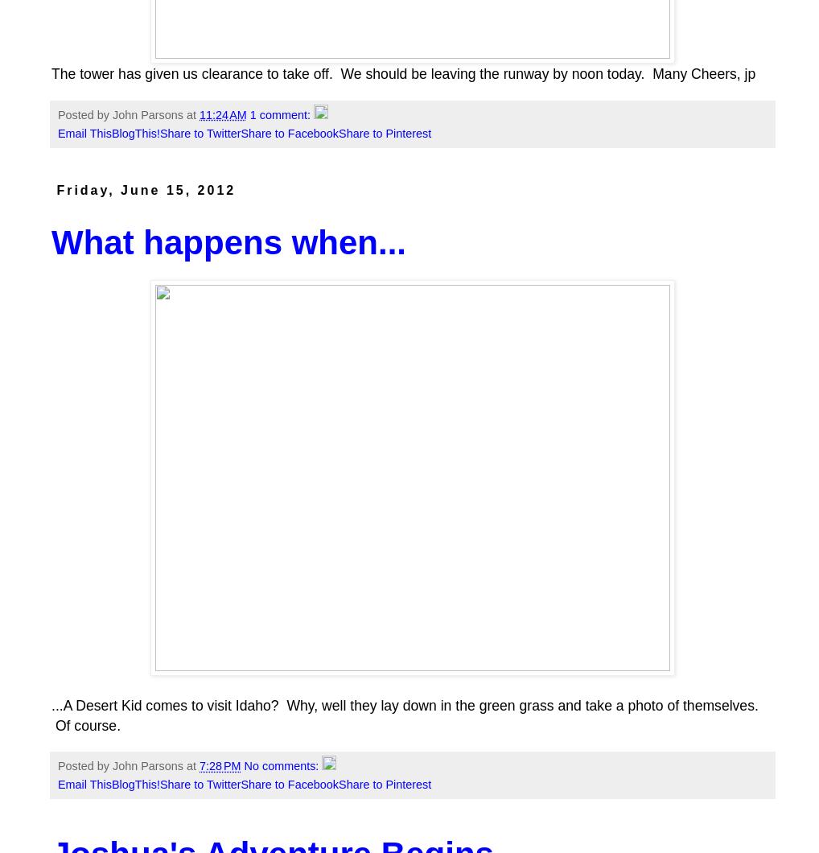 The image size is (819, 853). What do you see at coordinates (222, 113) in the screenshot?
I see `'11:24 AM'` at bounding box center [222, 113].